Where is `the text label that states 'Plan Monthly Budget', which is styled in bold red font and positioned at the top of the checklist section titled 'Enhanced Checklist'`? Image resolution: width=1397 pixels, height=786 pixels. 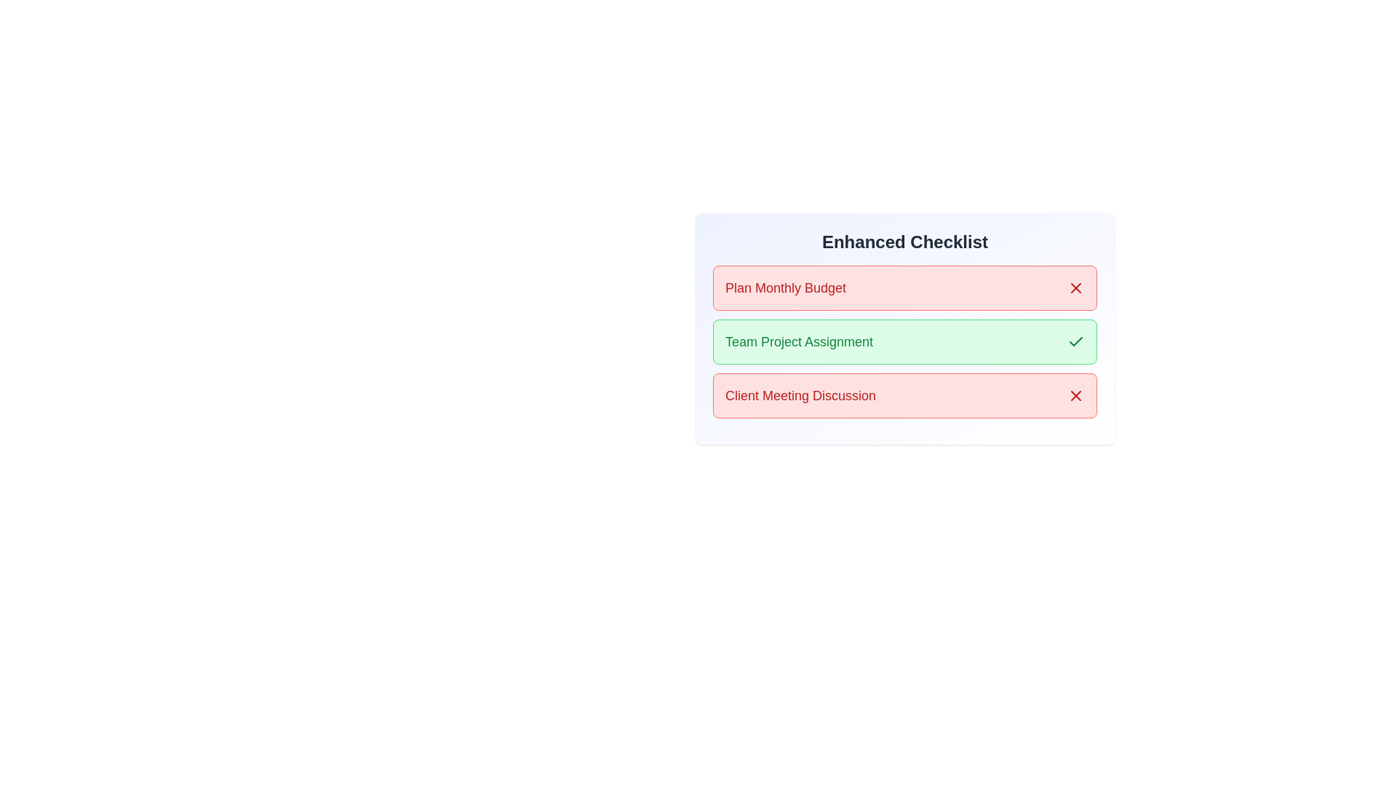
the text label that states 'Plan Monthly Budget', which is styled in bold red font and positioned at the top of the checklist section titled 'Enhanced Checklist' is located at coordinates (785, 288).